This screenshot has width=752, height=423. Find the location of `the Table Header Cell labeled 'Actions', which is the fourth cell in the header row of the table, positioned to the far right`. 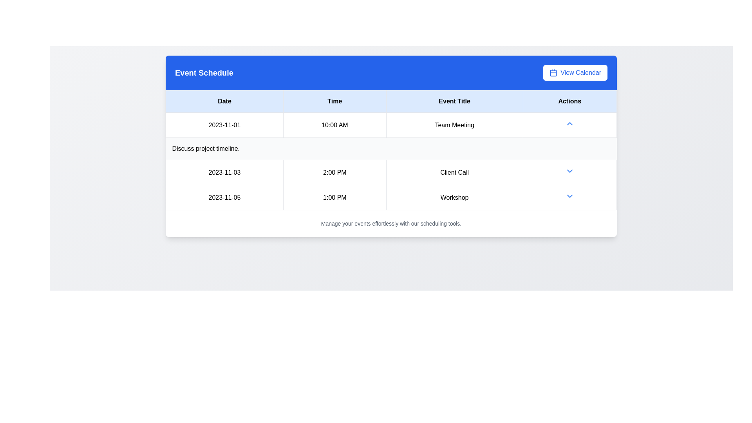

the Table Header Cell labeled 'Actions', which is the fourth cell in the header row of the table, positioned to the far right is located at coordinates (569, 101).